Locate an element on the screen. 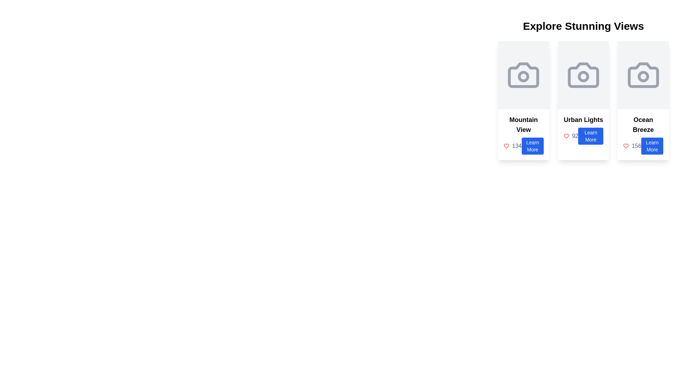 This screenshot has width=681, height=383. the small circular shape that forms the inner lens of the camera graphic in the 'Ocean Breeze' card, which has a gray outline is located at coordinates (643, 77).